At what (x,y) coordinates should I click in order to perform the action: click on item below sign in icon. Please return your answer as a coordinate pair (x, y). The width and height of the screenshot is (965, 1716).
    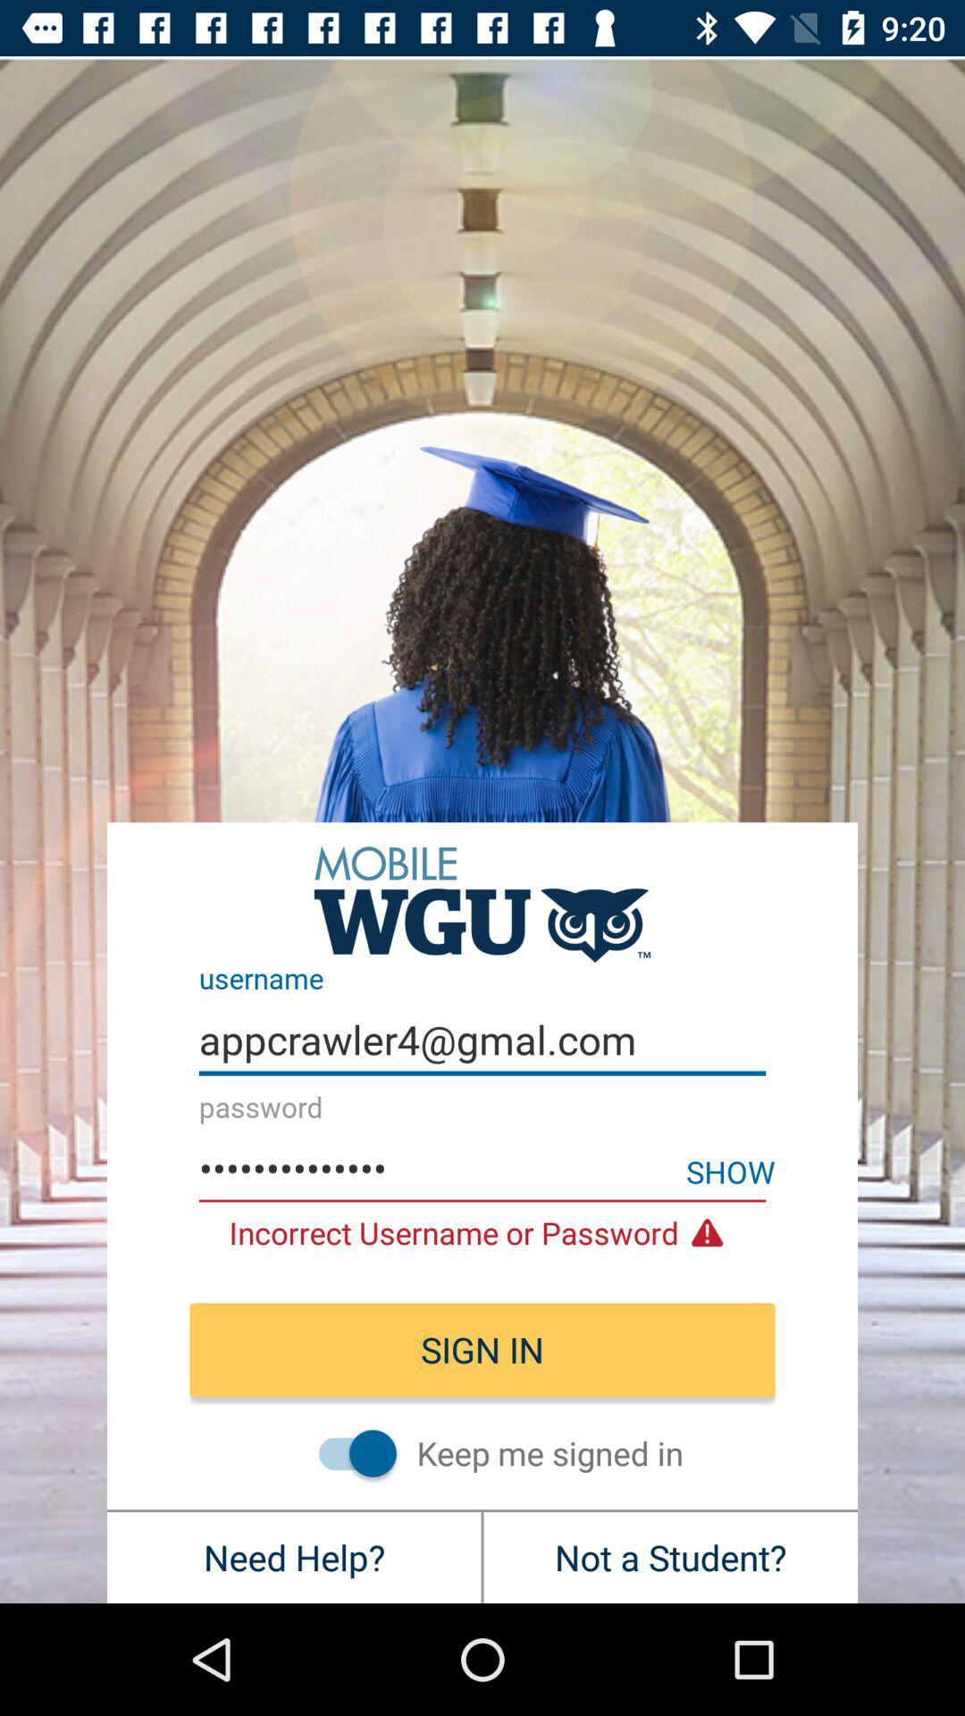
    Looking at the image, I should click on (348, 1453).